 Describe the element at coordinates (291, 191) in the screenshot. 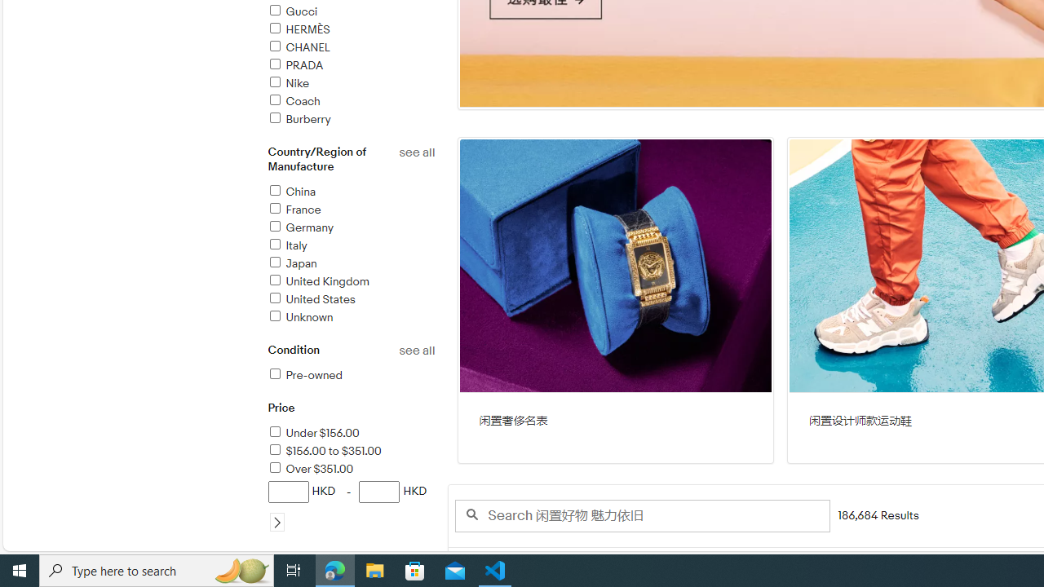

I see `'China'` at that location.